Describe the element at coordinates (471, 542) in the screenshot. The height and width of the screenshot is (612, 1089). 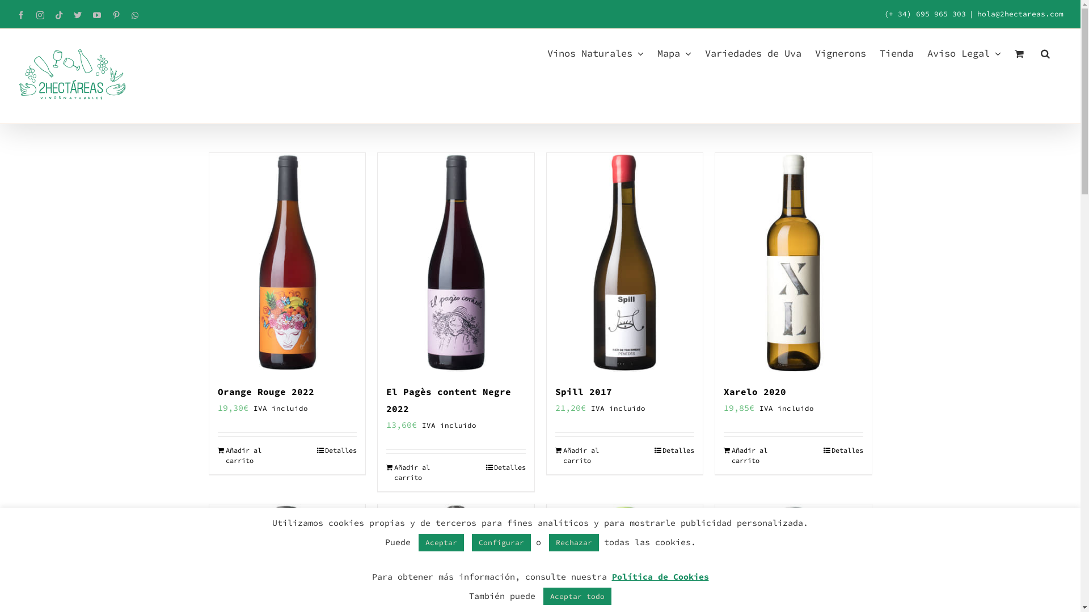
I see `'Configurar'` at that location.